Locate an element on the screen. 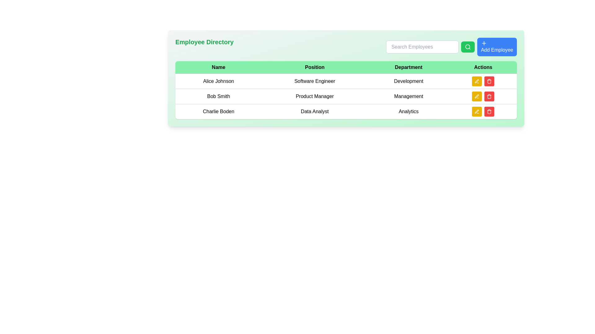 The width and height of the screenshot is (595, 334). text label 'Position' which is styled in bold, dark font and is positioned as the second header in a list of headers is located at coordinates (315, 67).